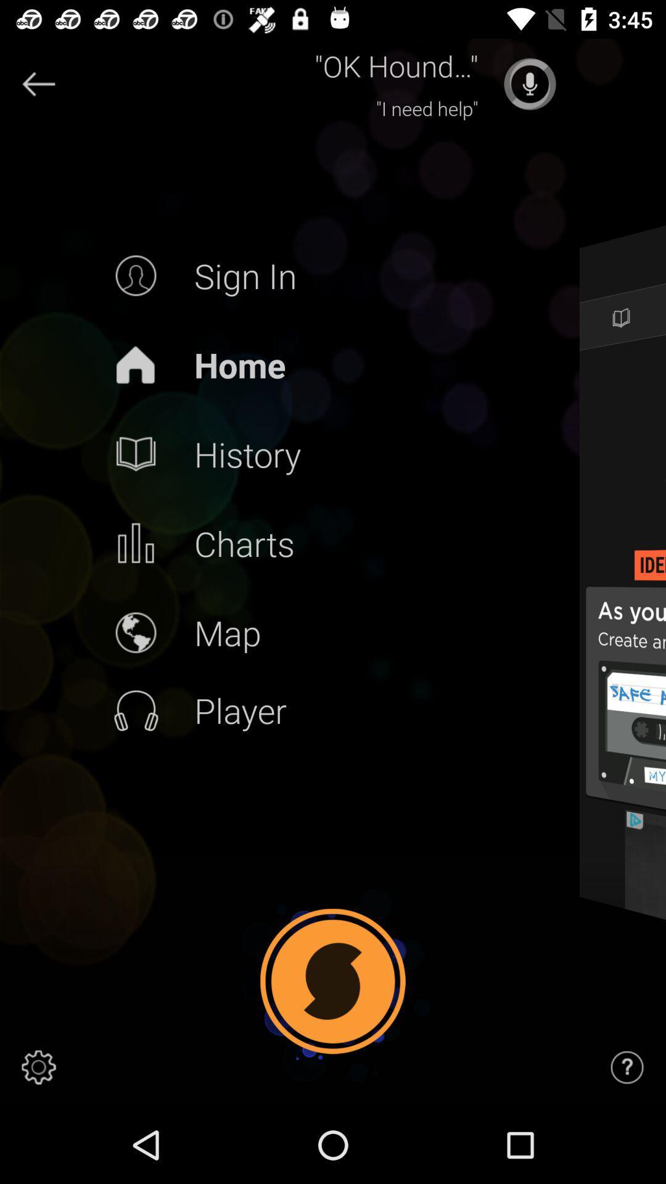 The height and width of the screenshot is (1184, 666). What do you see at coordinates (38, 1067) in the screenshot?
I see `settings button` at bounding box center [38, 1067].